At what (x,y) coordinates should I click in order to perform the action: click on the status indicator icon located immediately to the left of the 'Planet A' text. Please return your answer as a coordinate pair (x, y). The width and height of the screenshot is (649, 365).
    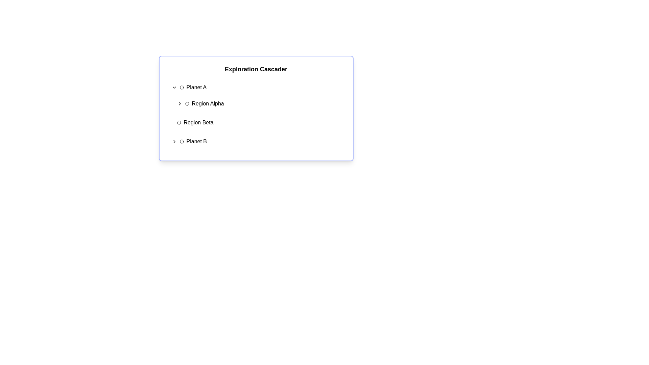
    Looking at the image, I should click on (182, 87).